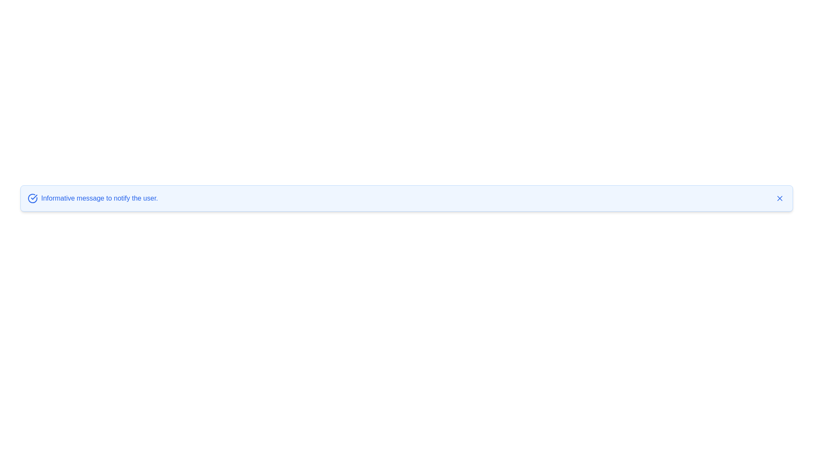 The width and height of the screenshot is (816, 459). What do you see at coordinates (32, 198) in the screenshot?
I see `the circular success icon with a blue outline and checkmark, which is located on the left side of the horizontal notification banner containing a blue text message` at bounding box center [32, 198].